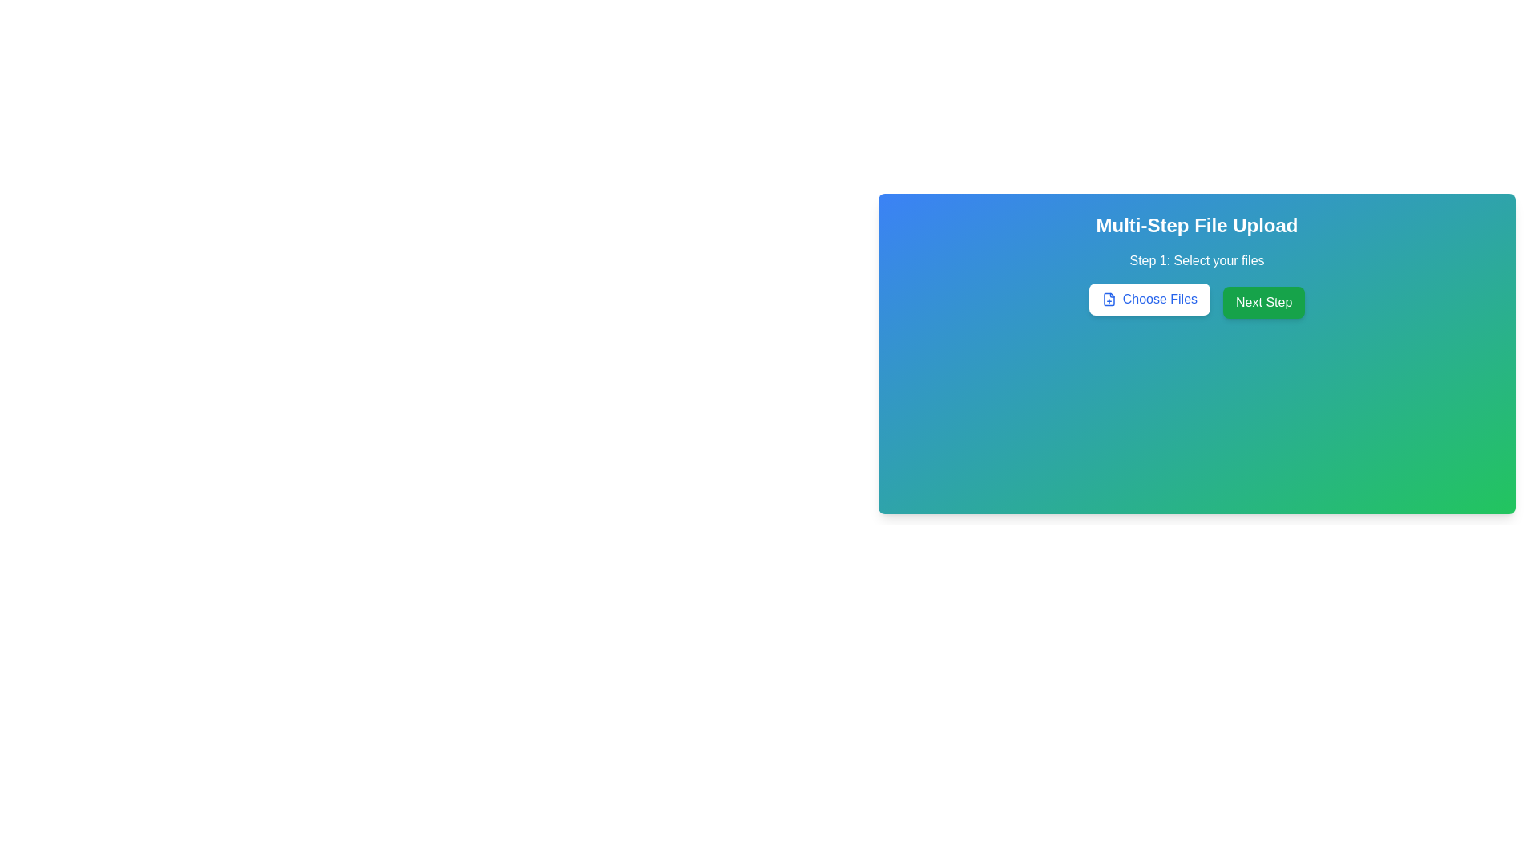 This screenshot has width=1539, height=865. I want to click on the 'Open File Selection' button located within the 'Multi-Step File Upload' card, below 'Step 1: Select your files', so click(1197, 284).